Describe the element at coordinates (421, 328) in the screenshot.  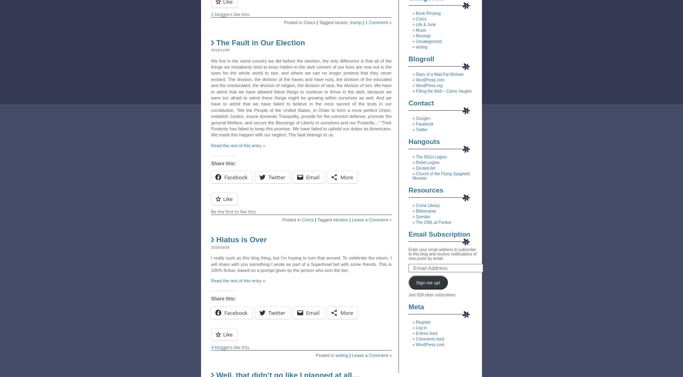
I see `'Log in'` at that location.